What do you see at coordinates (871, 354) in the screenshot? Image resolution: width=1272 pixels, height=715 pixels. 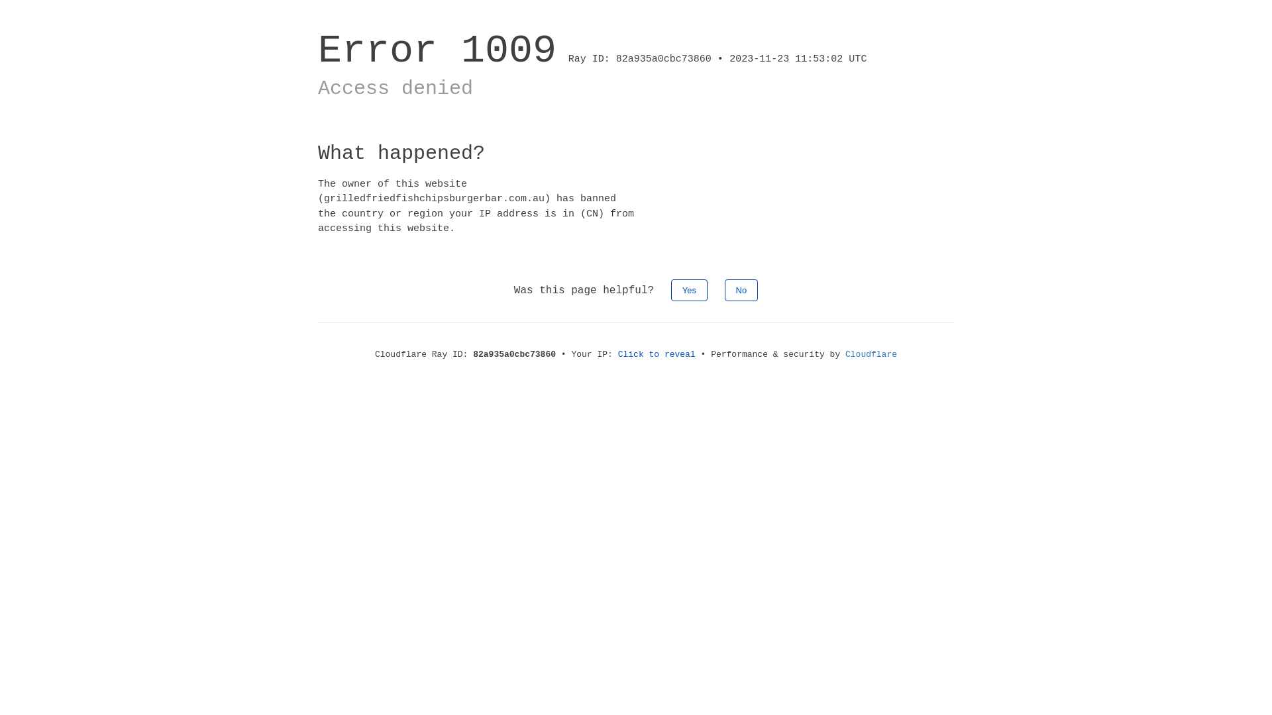 I see `'Cloudflare'` at bounding box center [871, 354].